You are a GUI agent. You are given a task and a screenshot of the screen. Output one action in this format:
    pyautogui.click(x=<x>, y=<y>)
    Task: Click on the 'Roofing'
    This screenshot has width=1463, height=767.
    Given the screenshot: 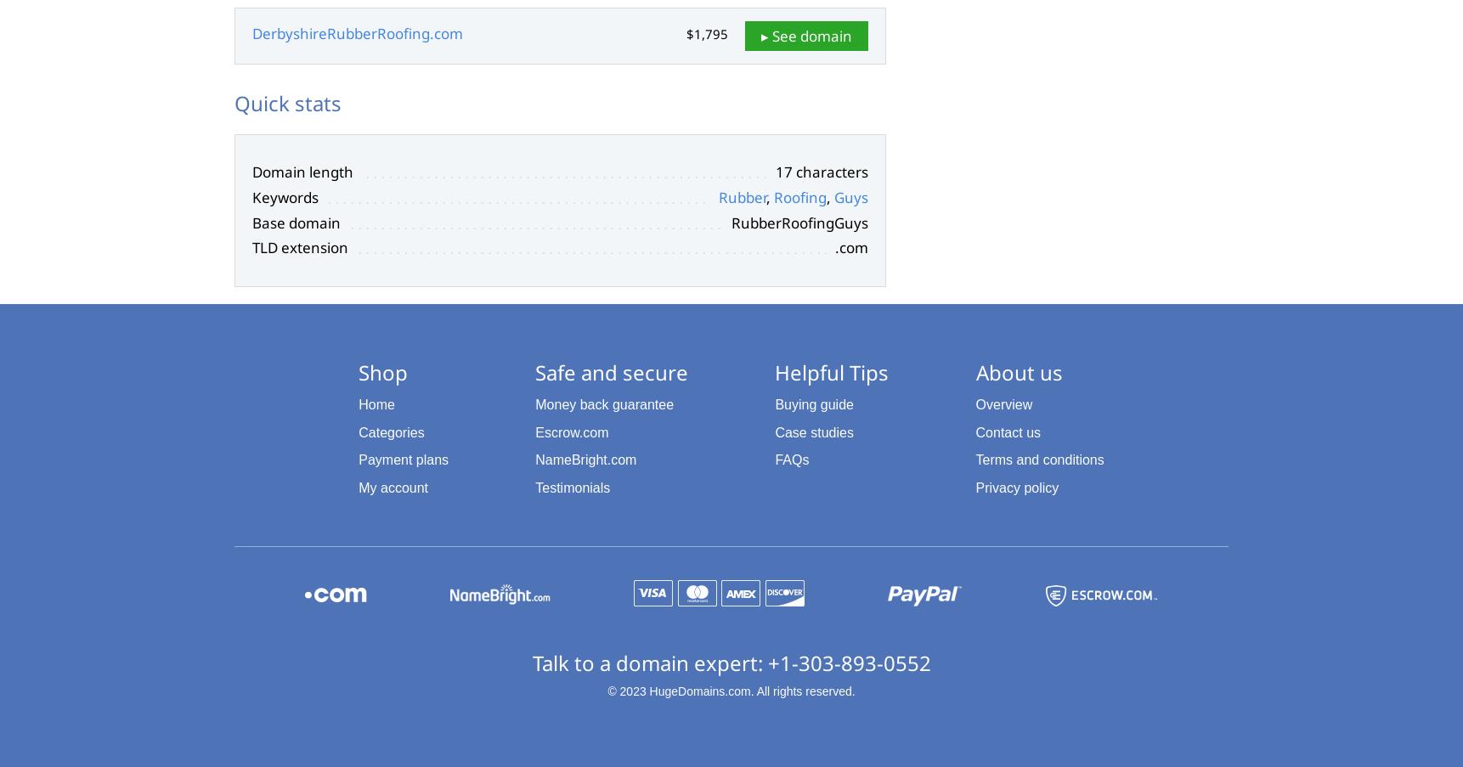 What is the action you would take?
    pyautogui.click(x=799, y=196)
    